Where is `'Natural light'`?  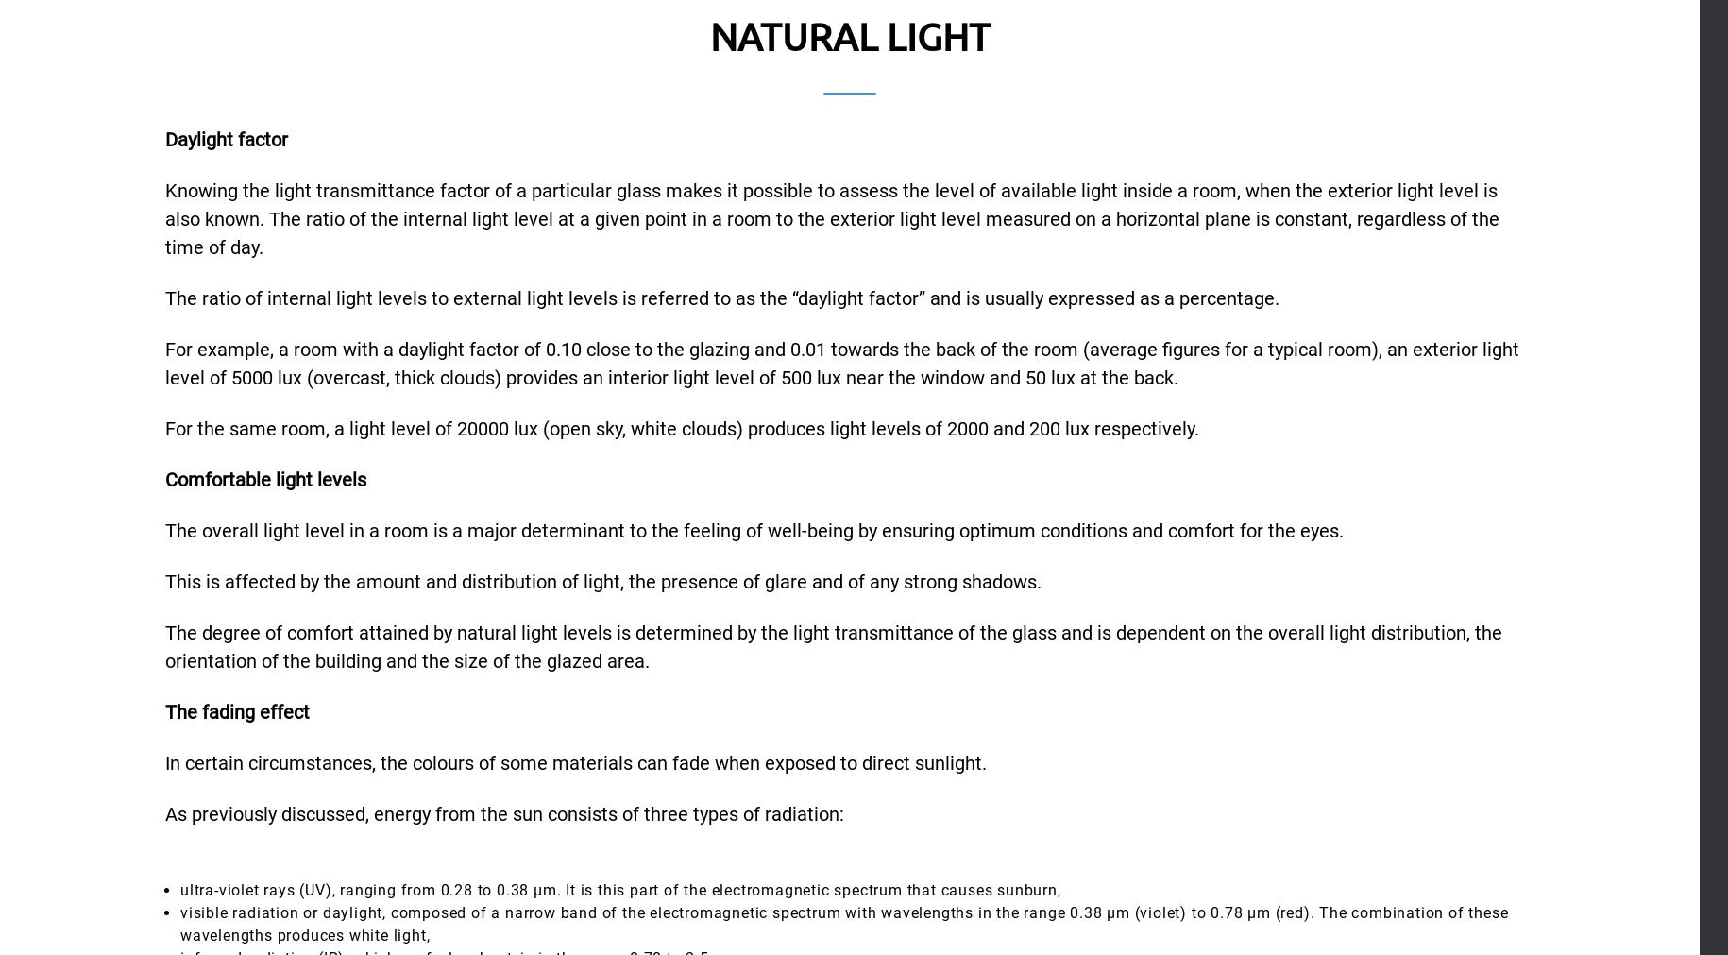
'Natural light' is located at coordinates (849, 34).